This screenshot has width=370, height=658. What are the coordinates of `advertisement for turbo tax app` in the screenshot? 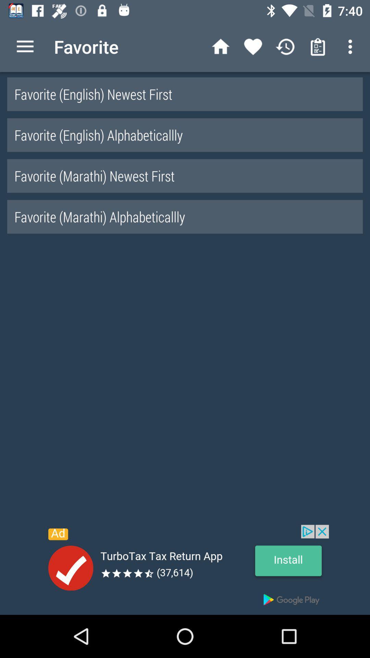 It's located at (185, 570).